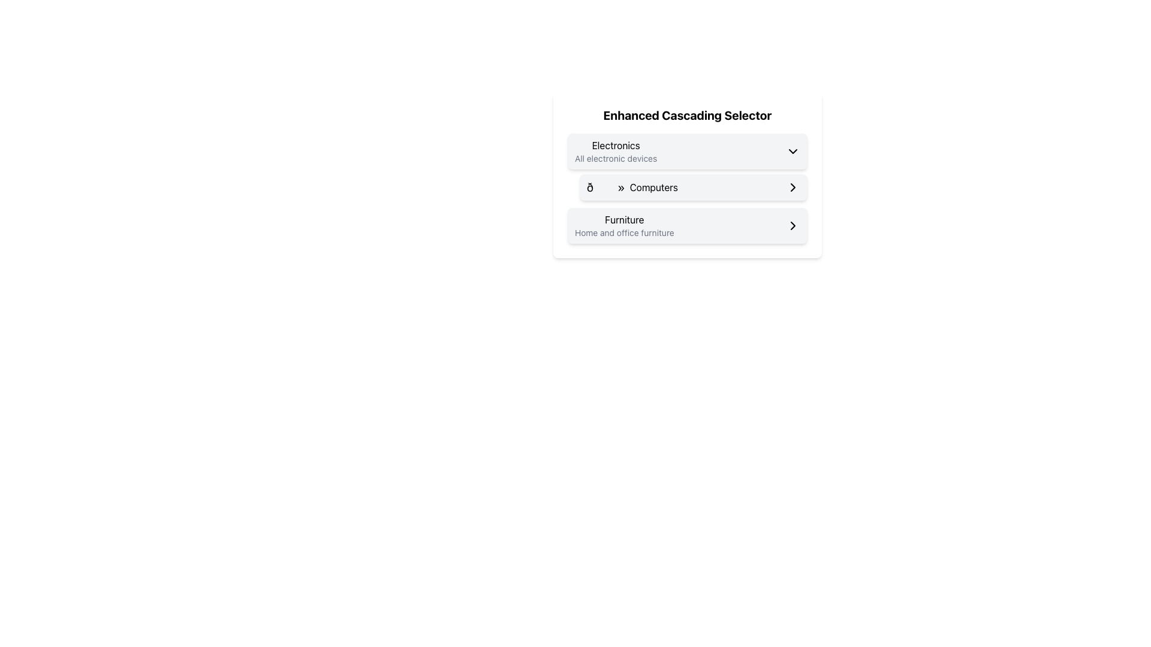  What do you see at coordinates (688, 226) in the screenshot?
I see `the last selectable option button in the vertical cascading menu below the 'Computers' item` at bounding box center [688, 226].